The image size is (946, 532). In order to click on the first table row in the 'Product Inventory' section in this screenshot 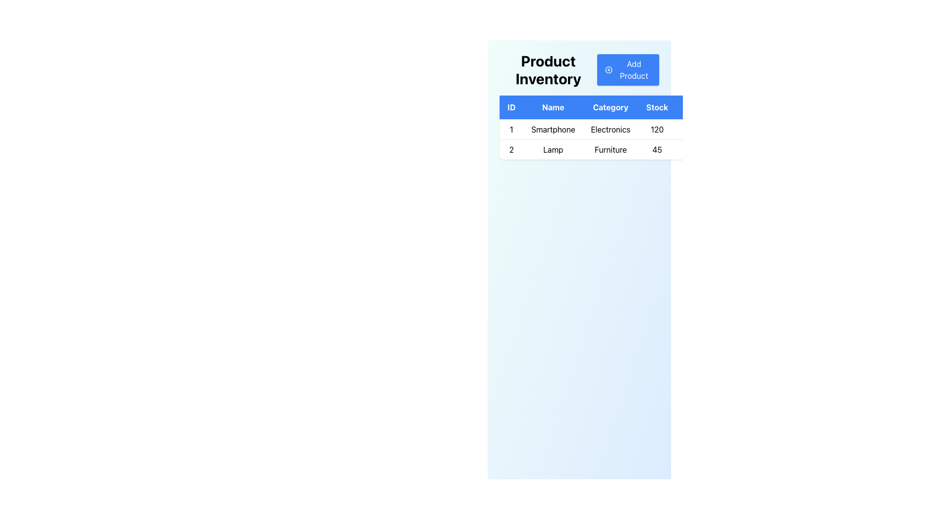, I will do `click(609, 127)`.